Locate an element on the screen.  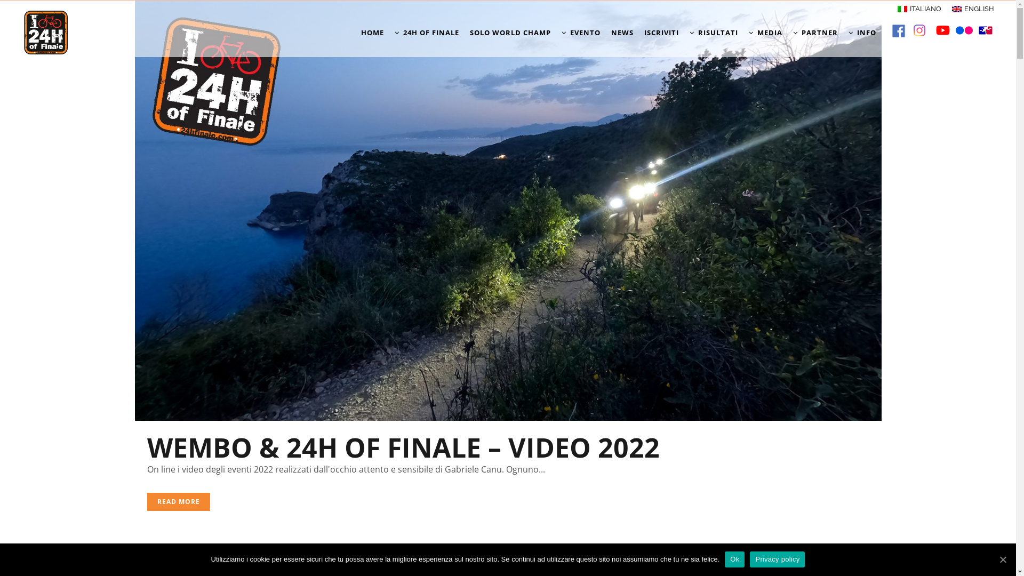
'PARTNER' is located at coordinates (815, 32).